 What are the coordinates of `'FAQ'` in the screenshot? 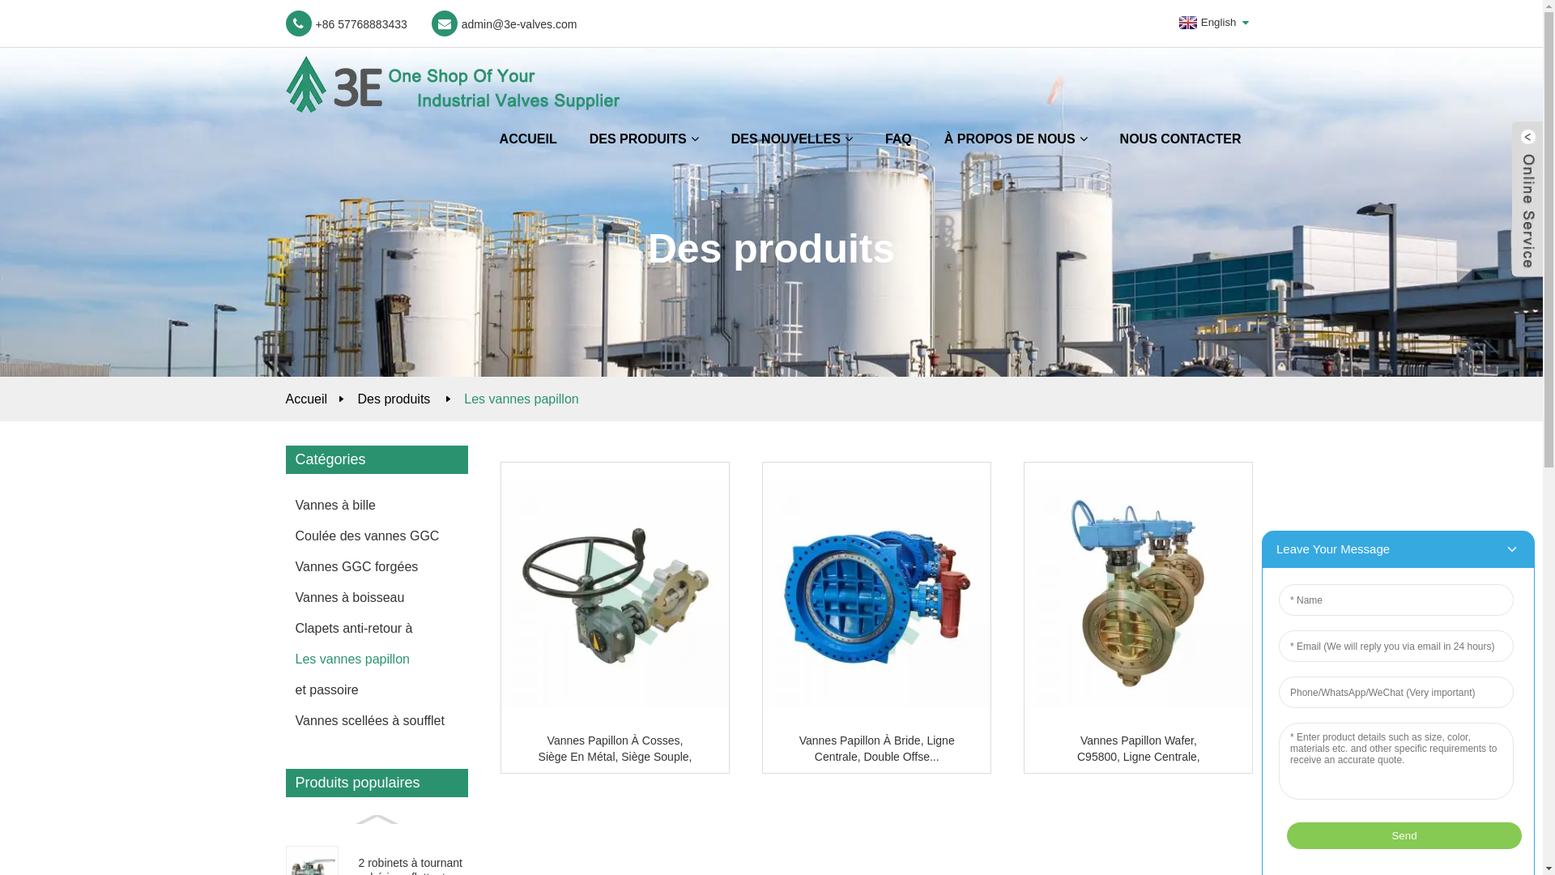 It's located at (897, 138).